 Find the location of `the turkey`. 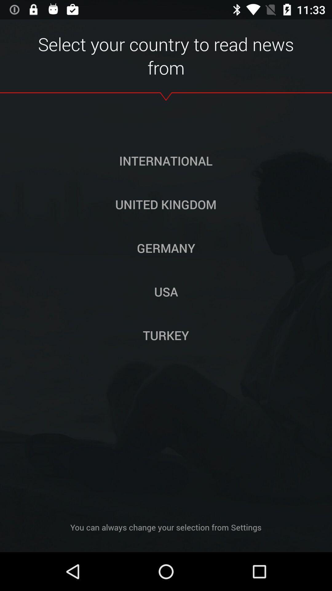

the turkey is located at coordinates (166, 335).